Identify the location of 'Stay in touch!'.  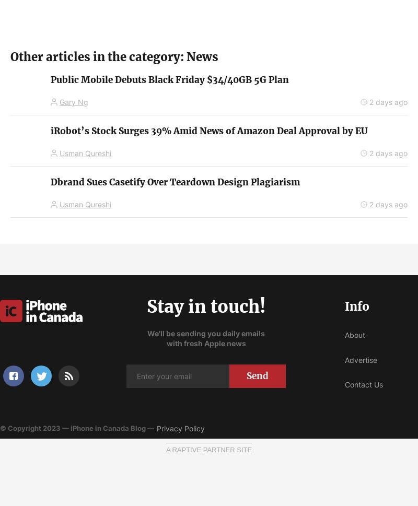
(205, 306).